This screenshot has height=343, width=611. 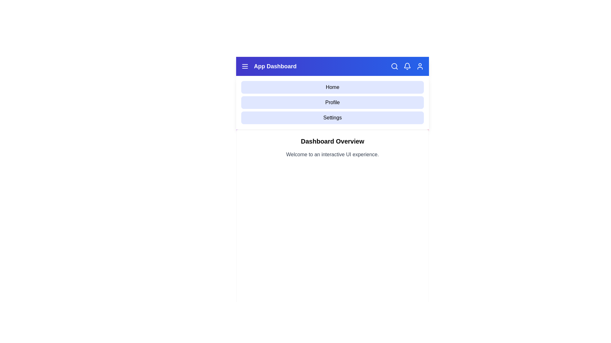 I want to click on the 'Profile' menu option to navigate to the Profile section, so click(x=332, y=102).